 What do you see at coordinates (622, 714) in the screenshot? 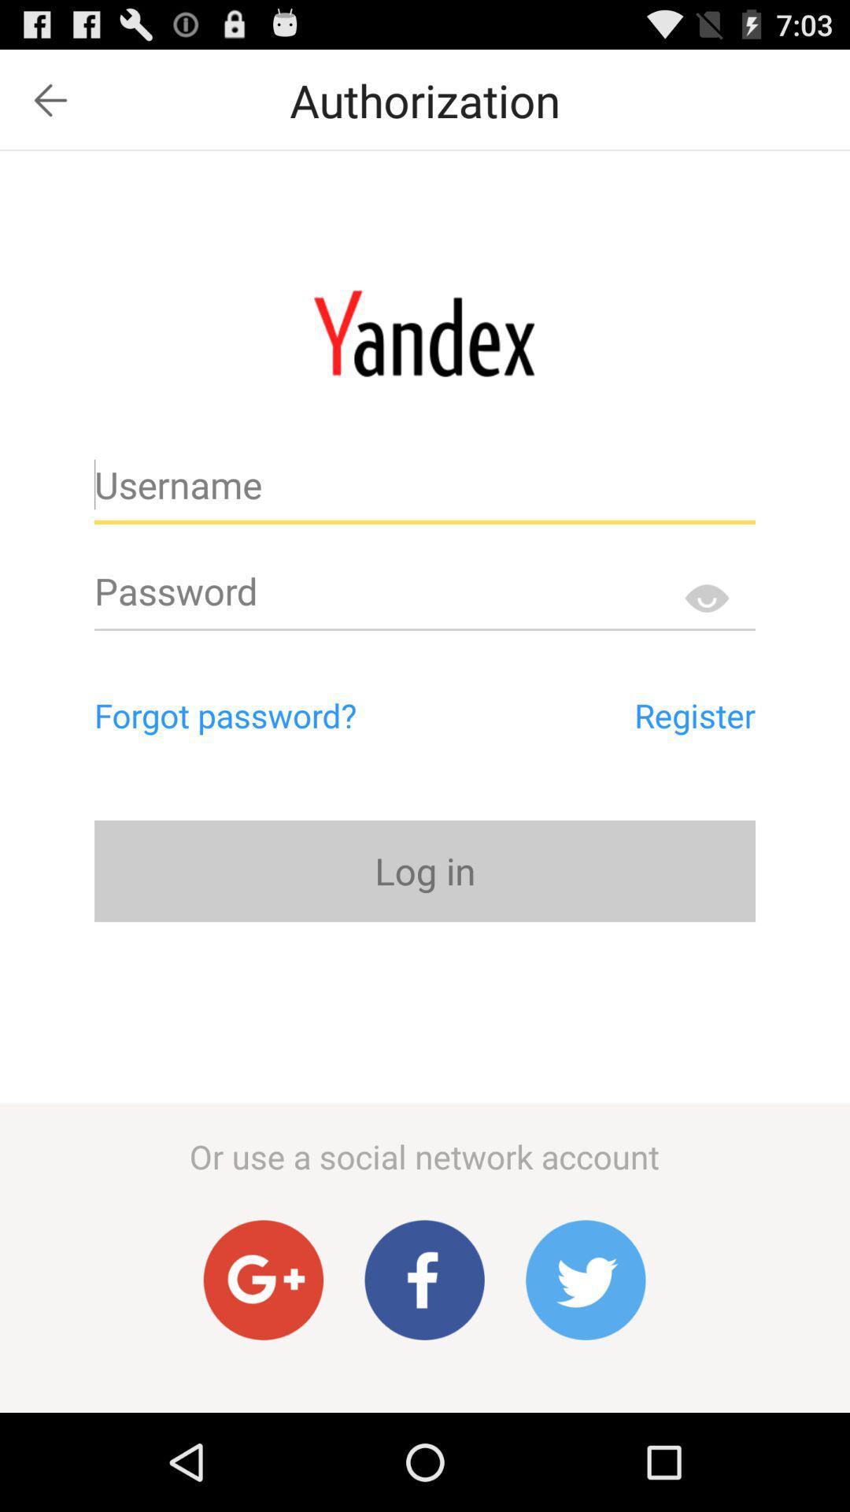
I see `the app to the right of the forgot password?` at bounding box center [622, 714].